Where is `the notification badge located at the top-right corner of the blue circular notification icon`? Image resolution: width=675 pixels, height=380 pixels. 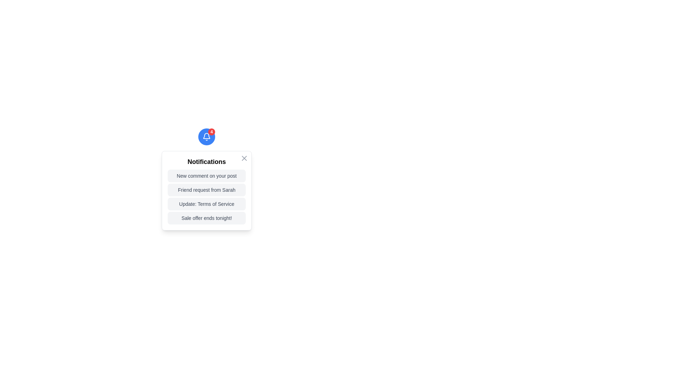
the notification badge located at the top-right corner of the blue circular notification icon is located at coordinates (211, 132).